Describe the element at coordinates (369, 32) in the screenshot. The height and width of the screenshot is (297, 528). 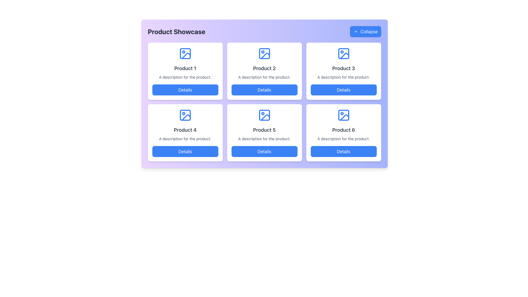
I see `text of the label within the button that suggests collapsing an expanded section of the interface, located in the top-right section of the layout` at that location.